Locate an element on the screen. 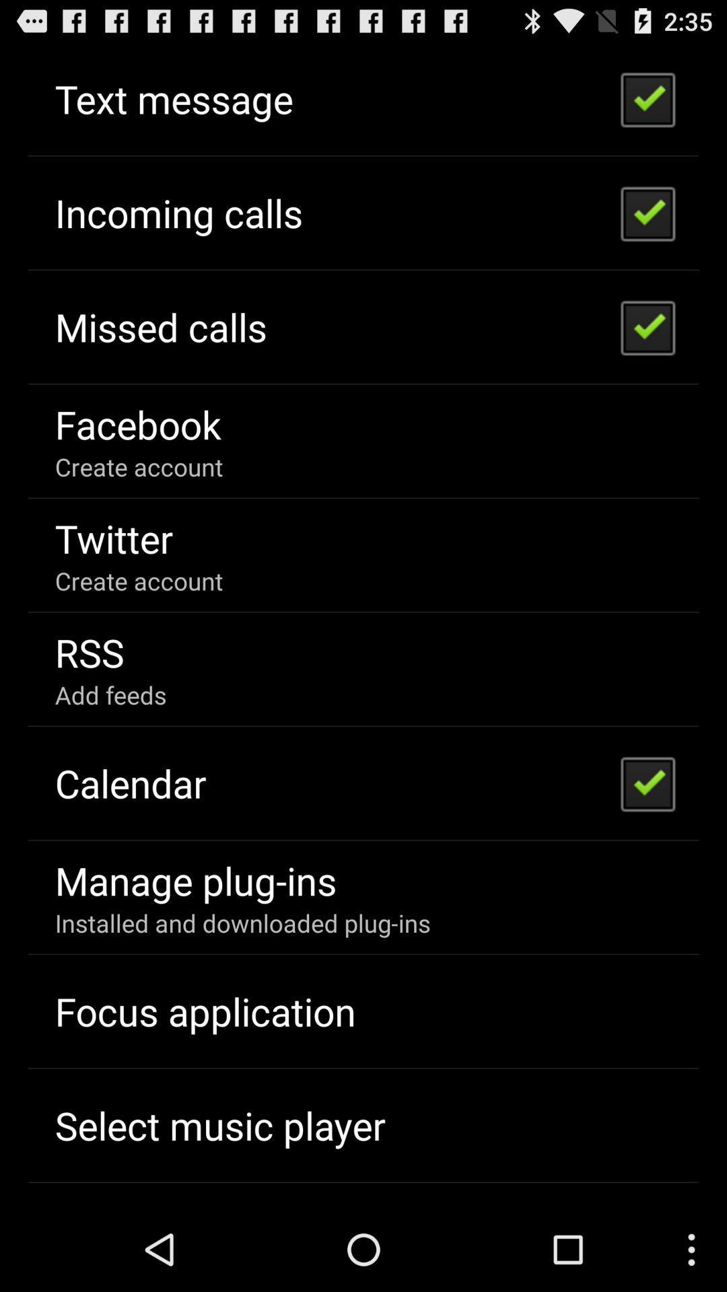  the app below focus application icon is located at coordinates (219, 1125).